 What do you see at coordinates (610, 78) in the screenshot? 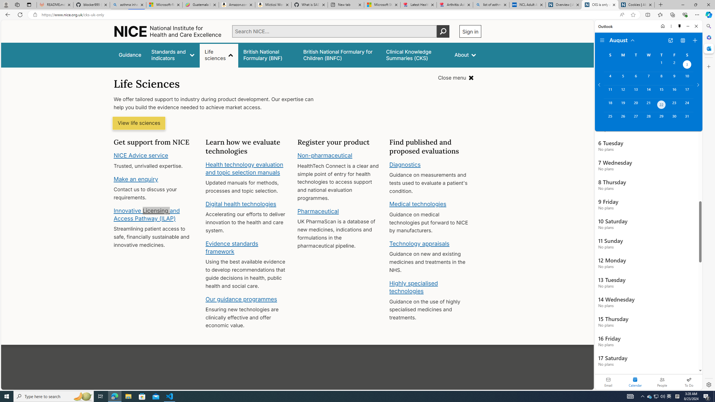
I see `'Sunday, August 4, 2024. '` at bounding box center [610, 78].